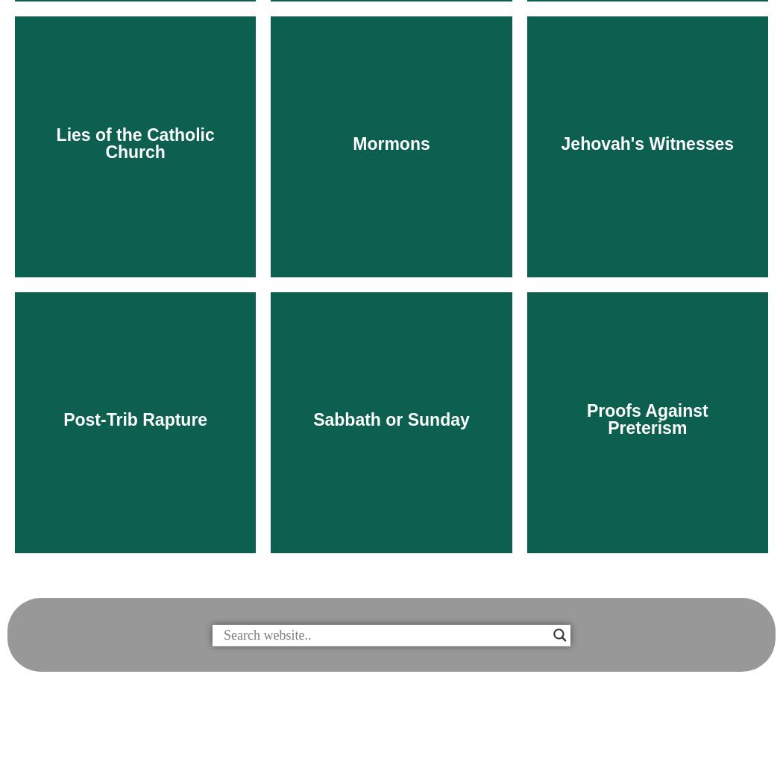 Image resolution: width=783 pixels, height=759 pixels. Describe the element at coordinates (51, 675) in the screenshot. I see `'Learn why the rapture occurs after the Tribulation, and not before.'` at that location.